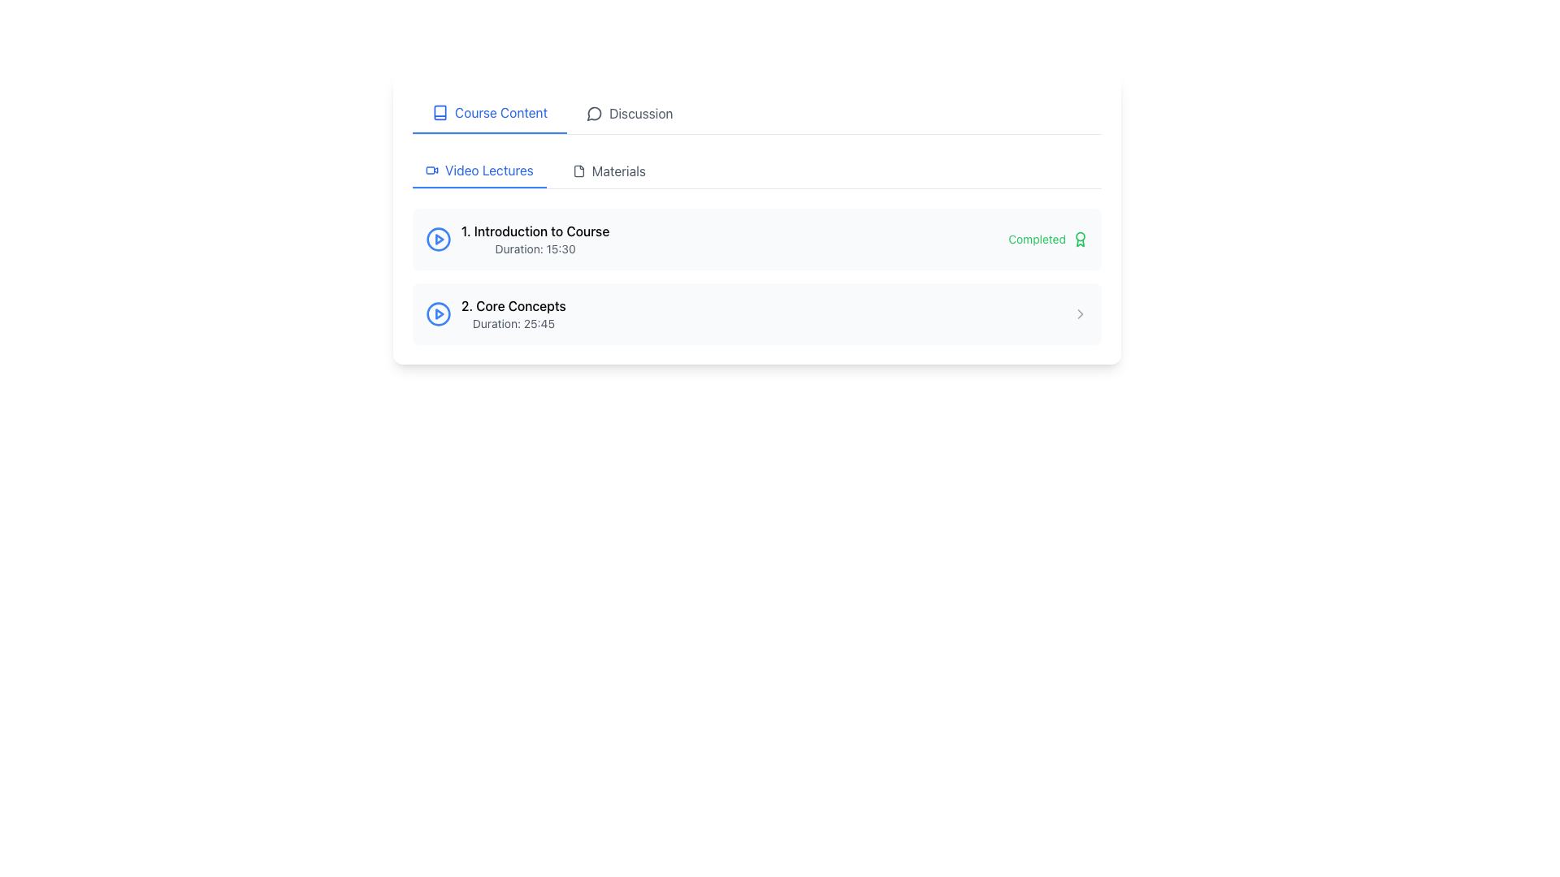 The height and width of the screenshot is (877, 1560). I want to click on the play button for the video lecture titled '1. Introduction to Course', so click(438, 239).